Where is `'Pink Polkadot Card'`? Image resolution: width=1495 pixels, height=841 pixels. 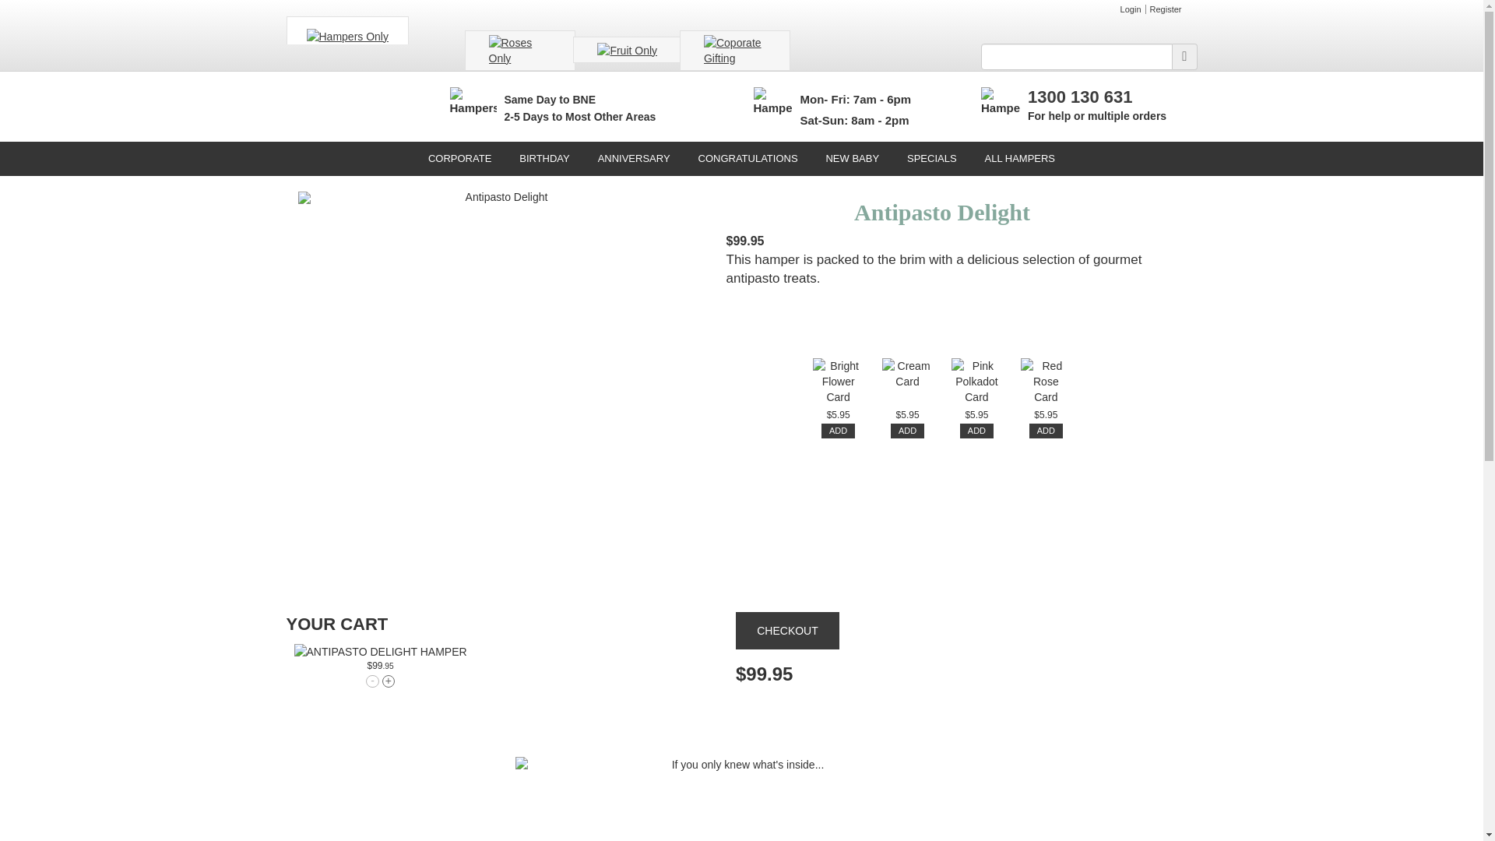 'Pink Polkadot Card' is located at coordinates (976, 383).